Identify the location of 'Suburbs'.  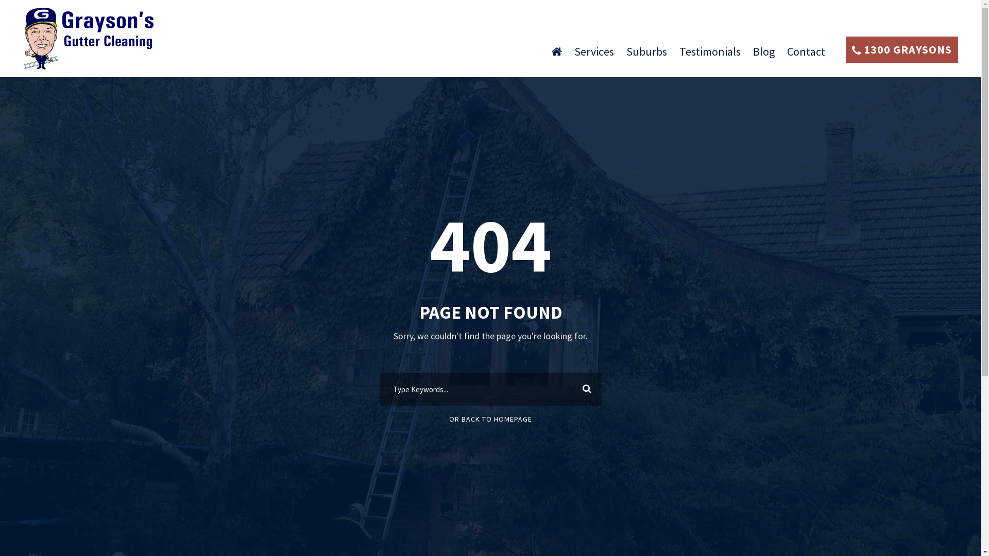
(646, 56).